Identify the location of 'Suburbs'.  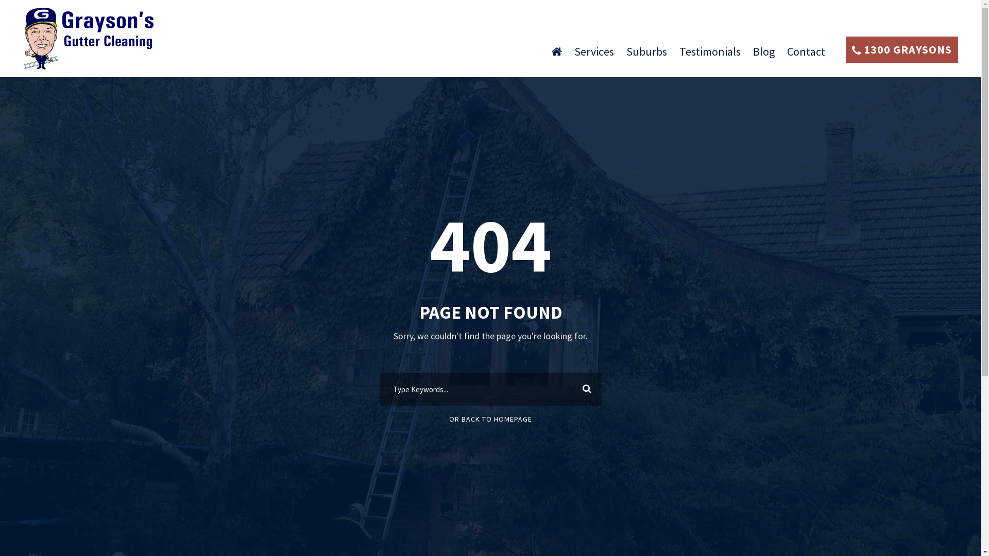
(646, 56).